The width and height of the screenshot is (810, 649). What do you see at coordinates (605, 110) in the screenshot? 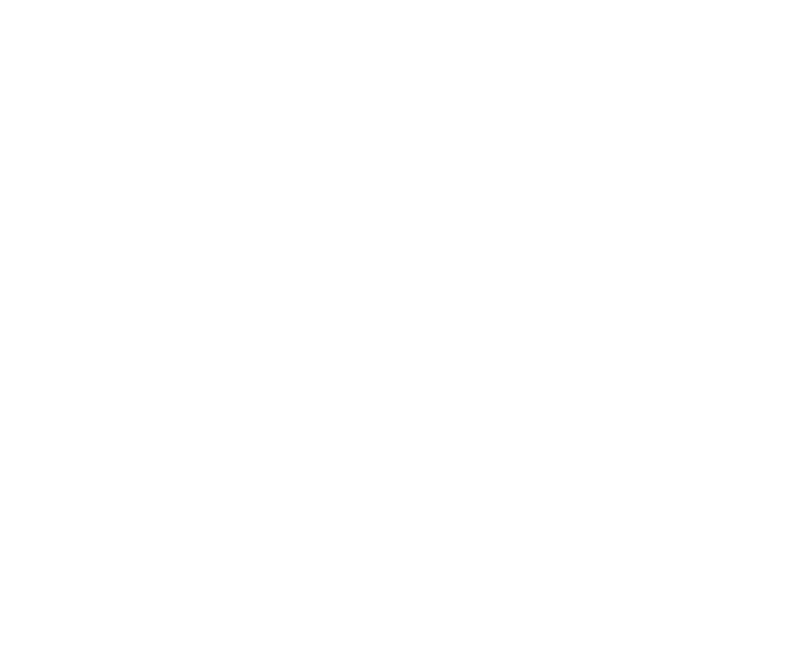
I see `'News'` at bounding box center [605, 110].